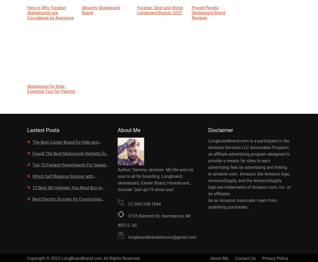 Image resolution: width=318 pixels, height=262 pixels. Describe the element at coordinates (208, 167) in the screenshot. I see `'Longboardbrand.com is a participant in the Amazon Services LLC Associates Program, an affiliate advertising program designed to provide a means for sites to earn advertising fees by advertising and linking to amazon.com. Amazon, the Amazon logo, AmazonSupply, and the AmazonSupply logo are trademarks of Amazon.com, Inc. or its affiliates.'` at that location.